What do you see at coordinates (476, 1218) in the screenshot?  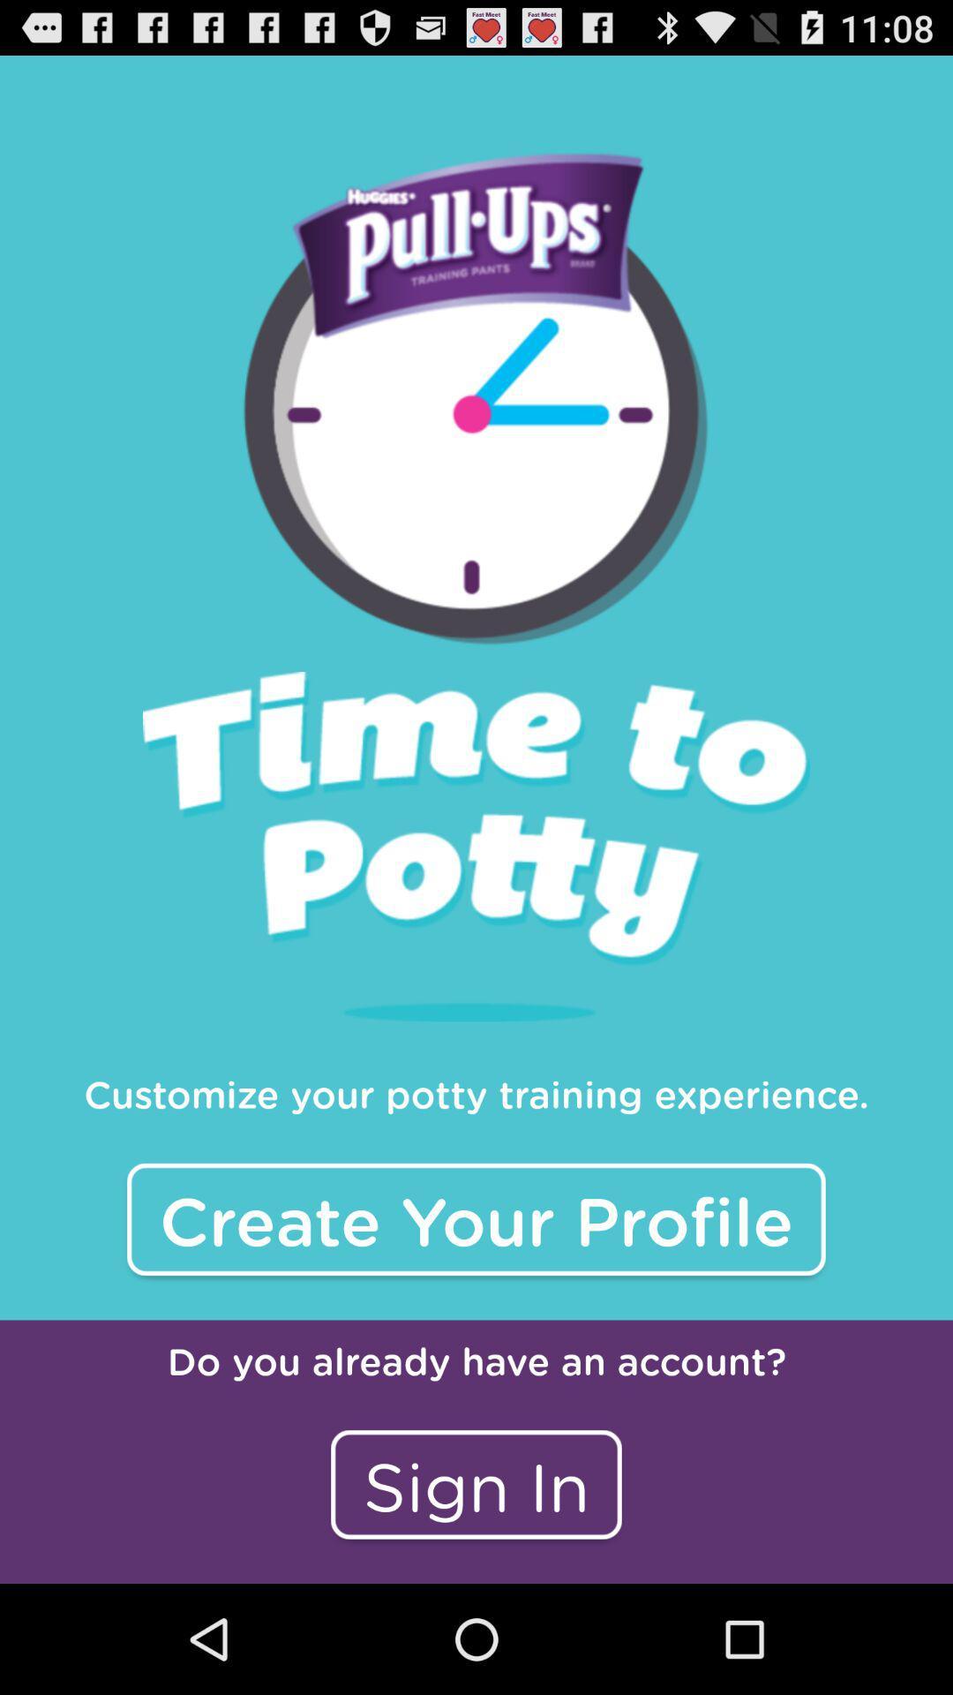 I see `create your profile item` at bounding box center [476, 1218].